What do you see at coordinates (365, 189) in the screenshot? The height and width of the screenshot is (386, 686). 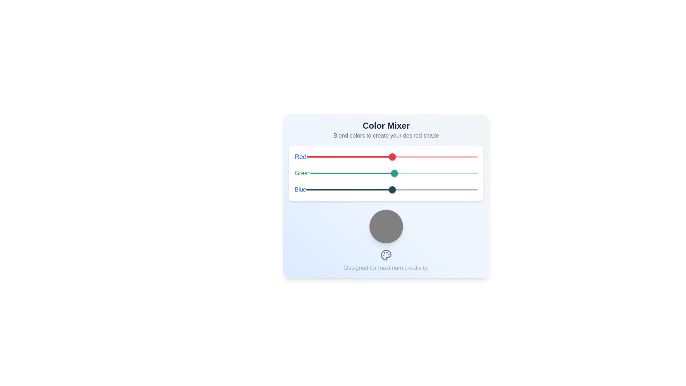 I see `the Blue channel` at bounding box center [365, 189].